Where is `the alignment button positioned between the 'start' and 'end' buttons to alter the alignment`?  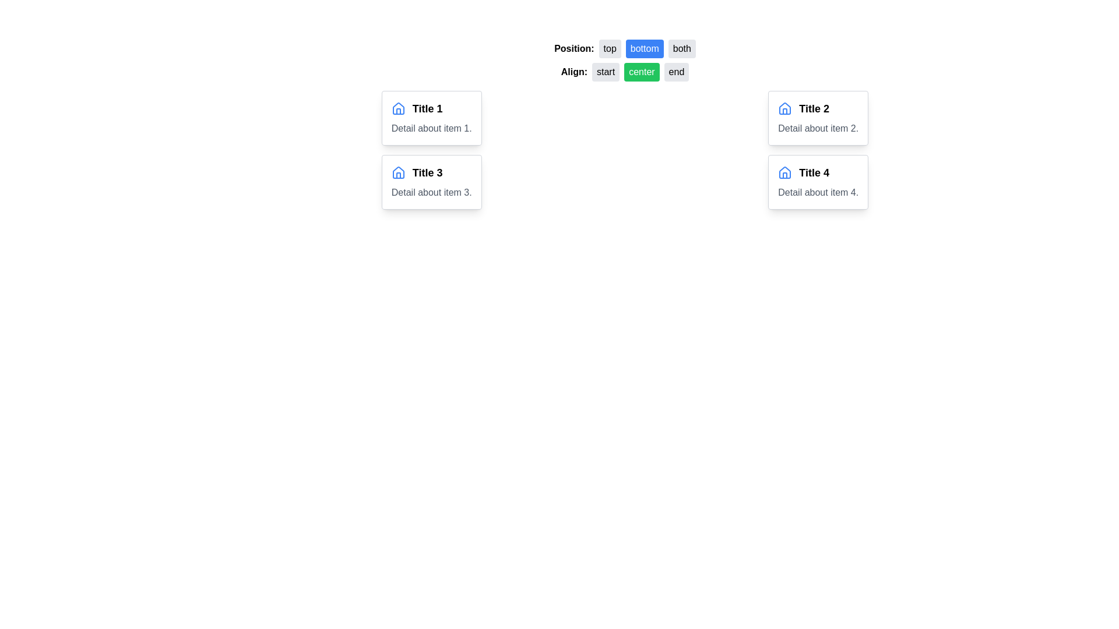
the alignment button positioned between the 'start' and 'end' buttons to alter the alignment is located at coordinates (641, 72).